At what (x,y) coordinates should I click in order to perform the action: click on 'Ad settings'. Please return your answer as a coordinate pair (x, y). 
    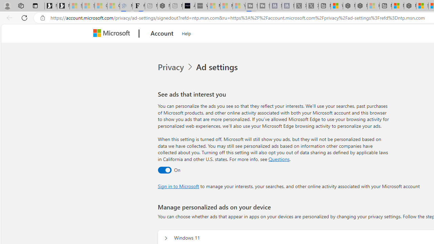
    Looking at the image, I should click on (218, 67).